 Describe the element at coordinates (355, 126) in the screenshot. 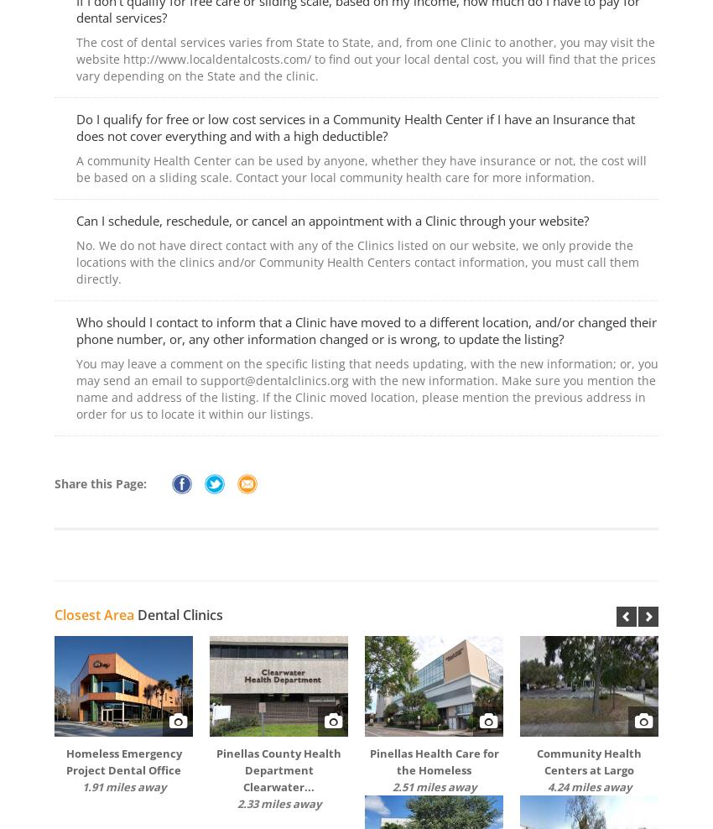

I see `'Do I qualify for free or low cost services in a Community Health Center if I have an Insurance that does not cover everything and with a high deductible?'` at that location.